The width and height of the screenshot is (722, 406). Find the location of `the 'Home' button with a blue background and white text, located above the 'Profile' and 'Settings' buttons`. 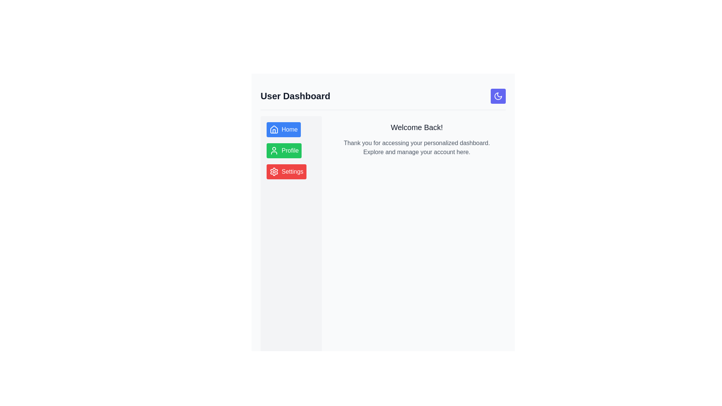

the 'Home' button with a blue background and white text, located above the 'Profile' and 'Settings' buttons is located at coordinates (283, 129).